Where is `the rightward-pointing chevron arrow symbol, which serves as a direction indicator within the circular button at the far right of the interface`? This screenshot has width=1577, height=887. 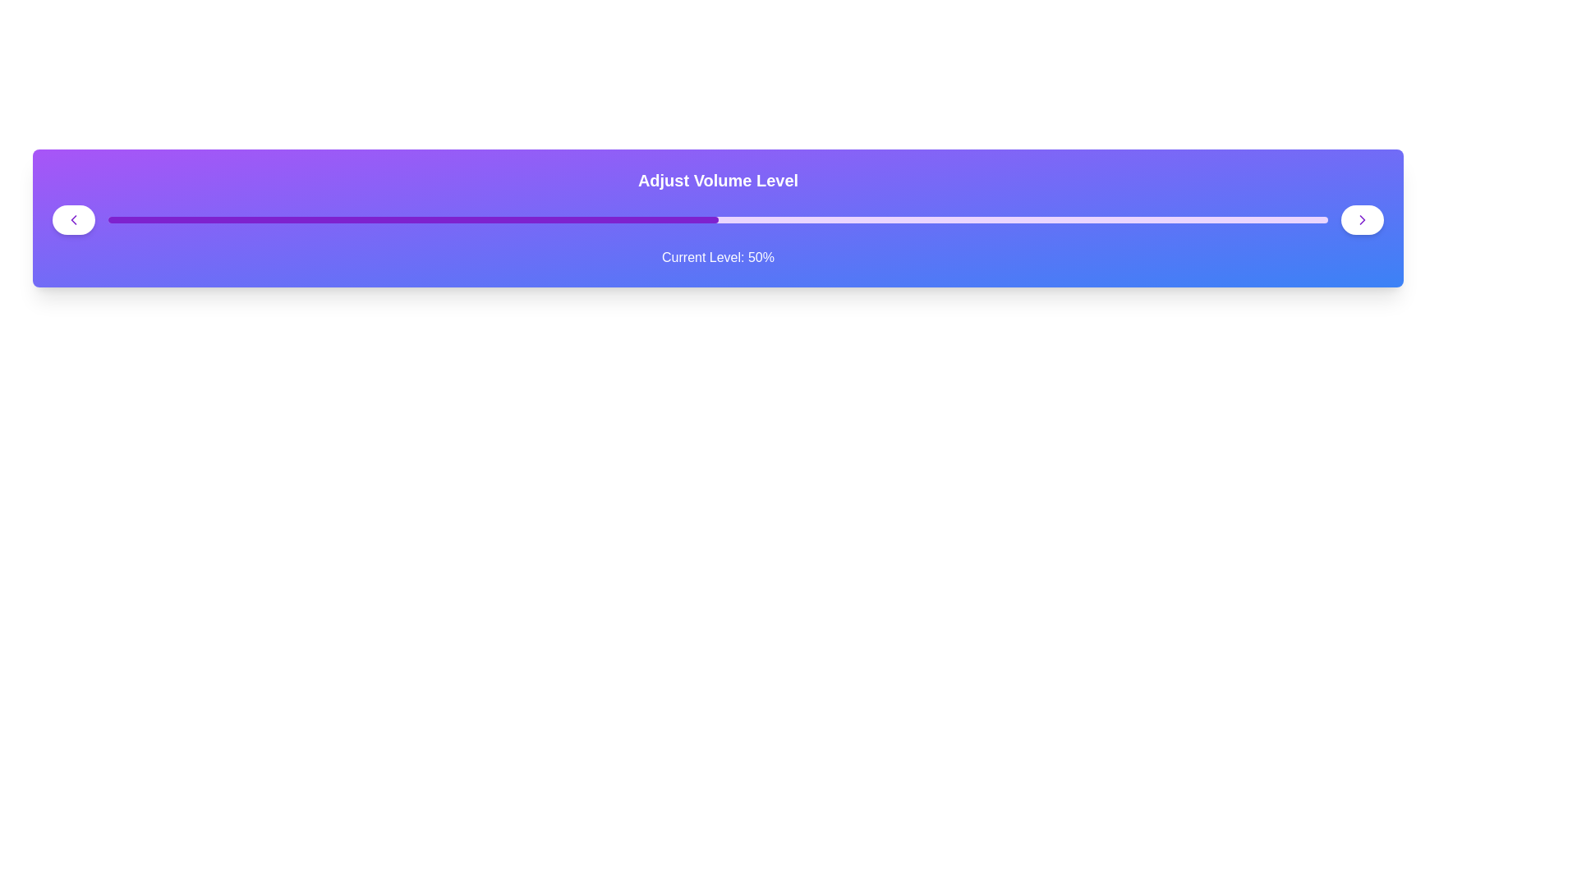 the rightward-pointing chevron arrow symbol, which serves as a direction indicator within the circular button at the far right of the interface is located at coordinates (1363, 218).